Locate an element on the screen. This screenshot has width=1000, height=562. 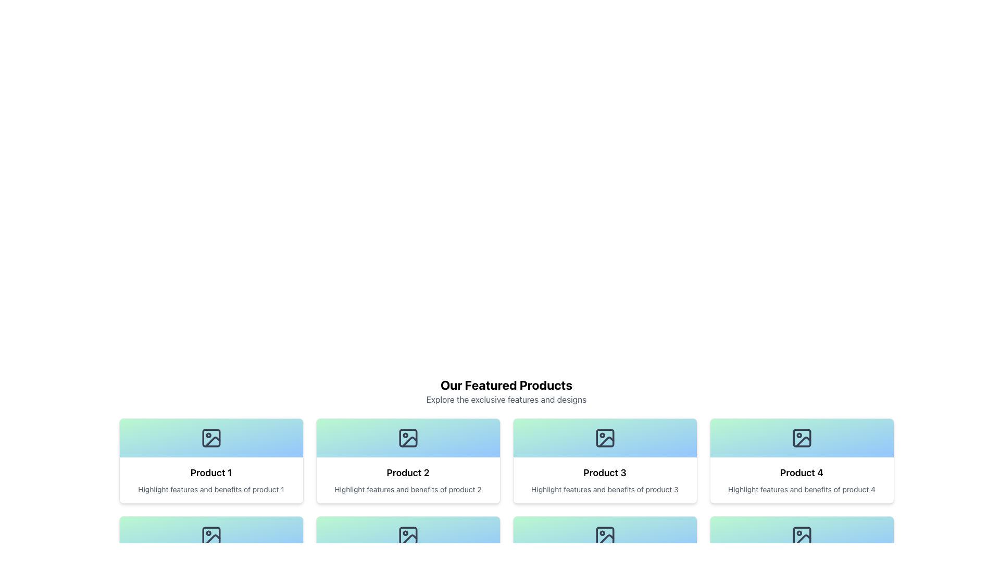
the icon or image placeholder representing the product in the top-left corner of the card labeled 'Product 1' is located at coordinates (210, 438).